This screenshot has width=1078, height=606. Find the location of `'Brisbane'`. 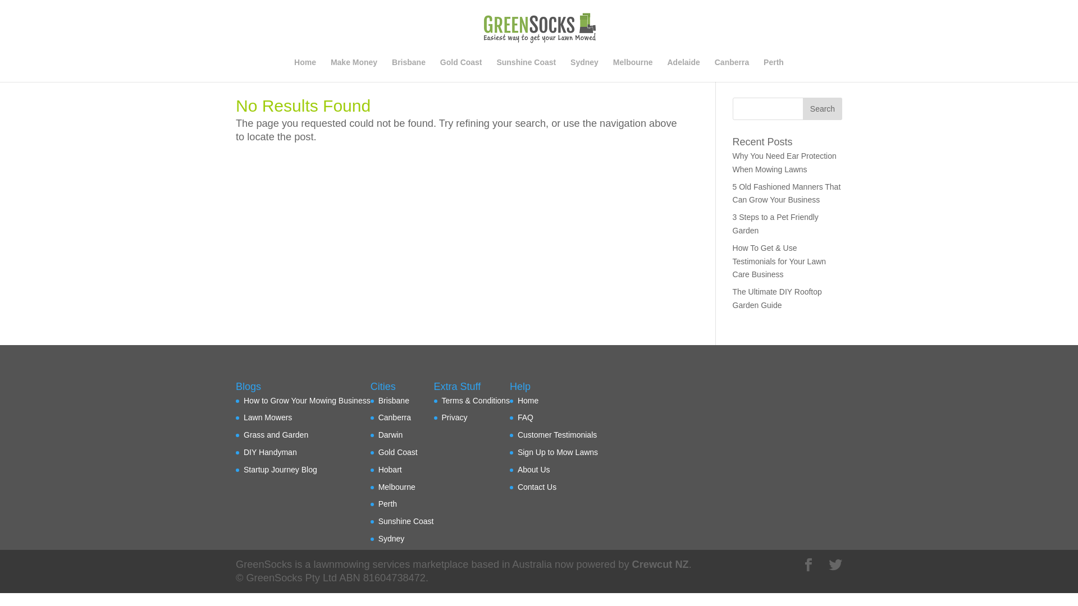

'Brisbane' is located at coordinates (408, 70).